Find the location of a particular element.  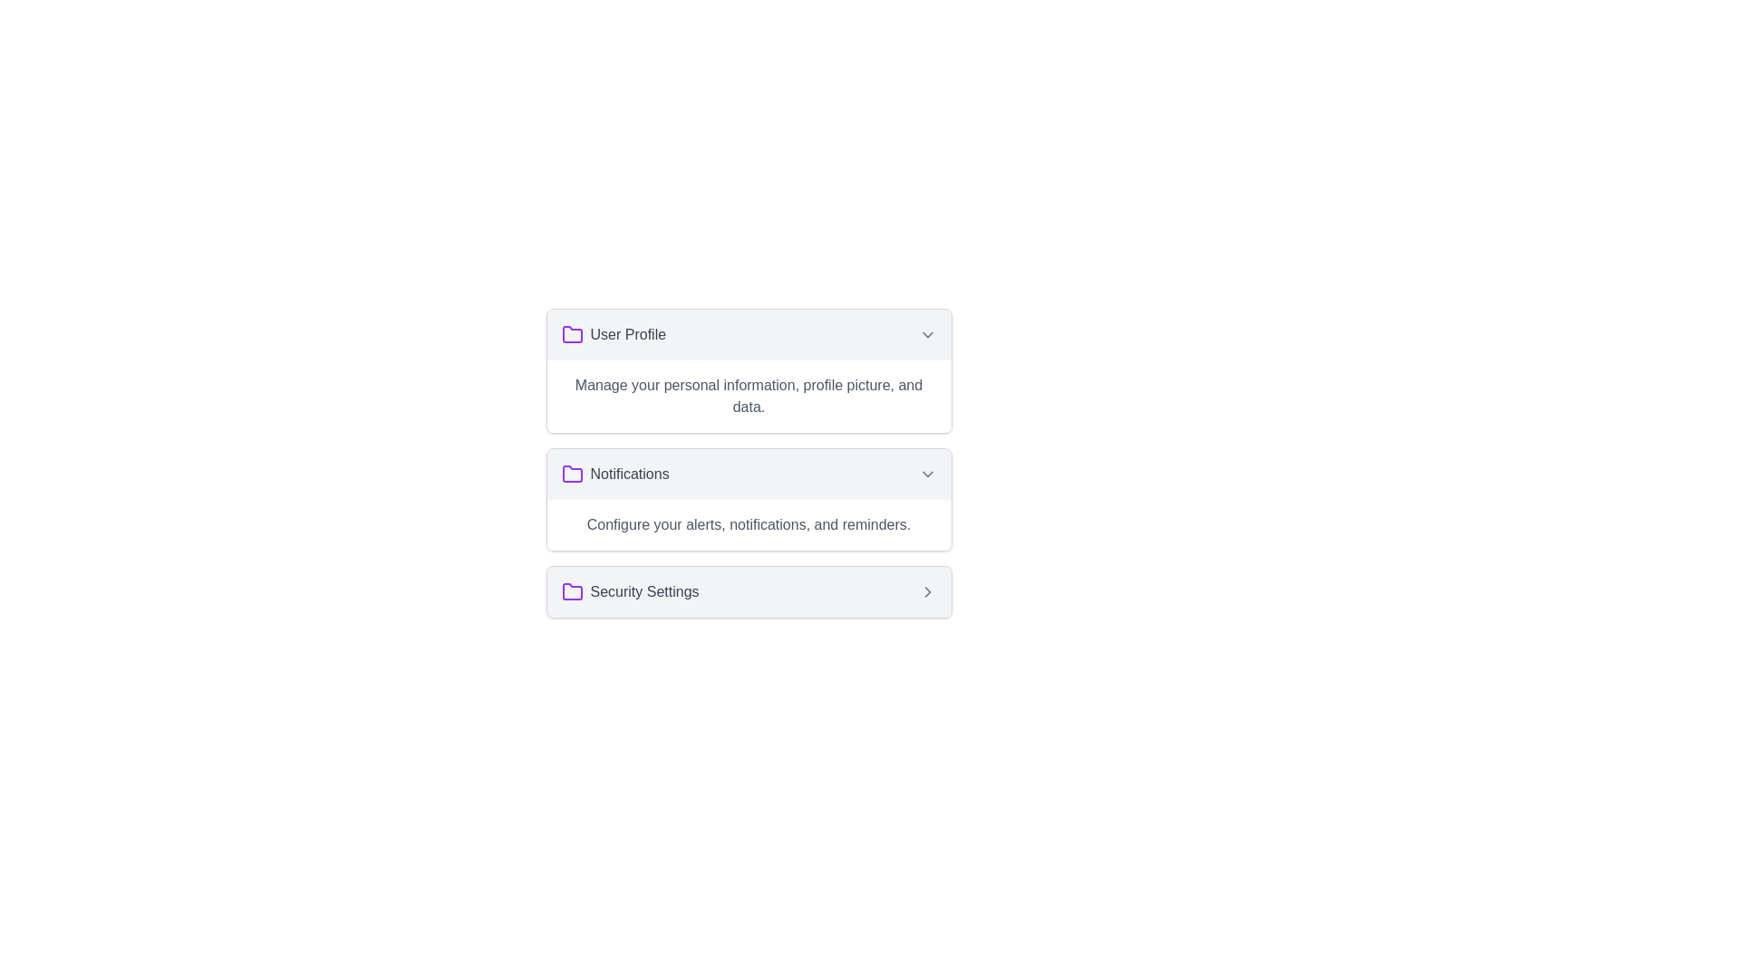

the 'User Profile' menu item label, which is a static label positioned on the left-hand side of the first section of a vertically stacked menu interface is located at coordinates (614, 335).